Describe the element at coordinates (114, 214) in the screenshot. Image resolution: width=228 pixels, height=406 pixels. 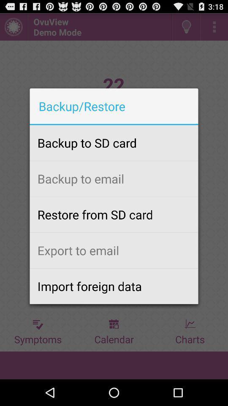
I see `icon below the backup to email` at that location.